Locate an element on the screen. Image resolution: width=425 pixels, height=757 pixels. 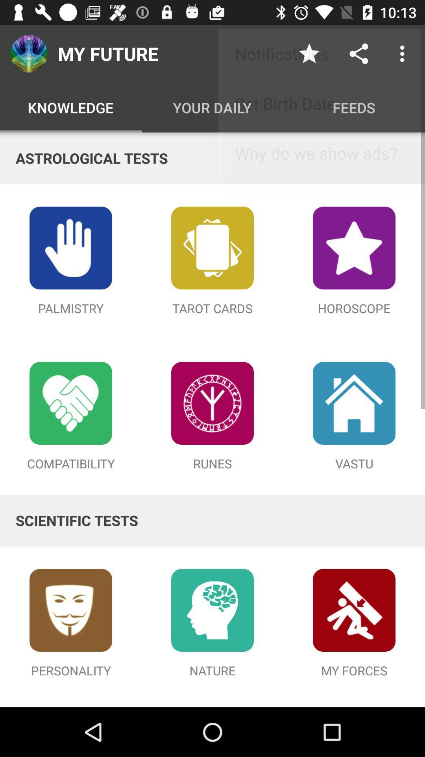
the icon to the right of the my future icon is located at coordinates (309, 53).